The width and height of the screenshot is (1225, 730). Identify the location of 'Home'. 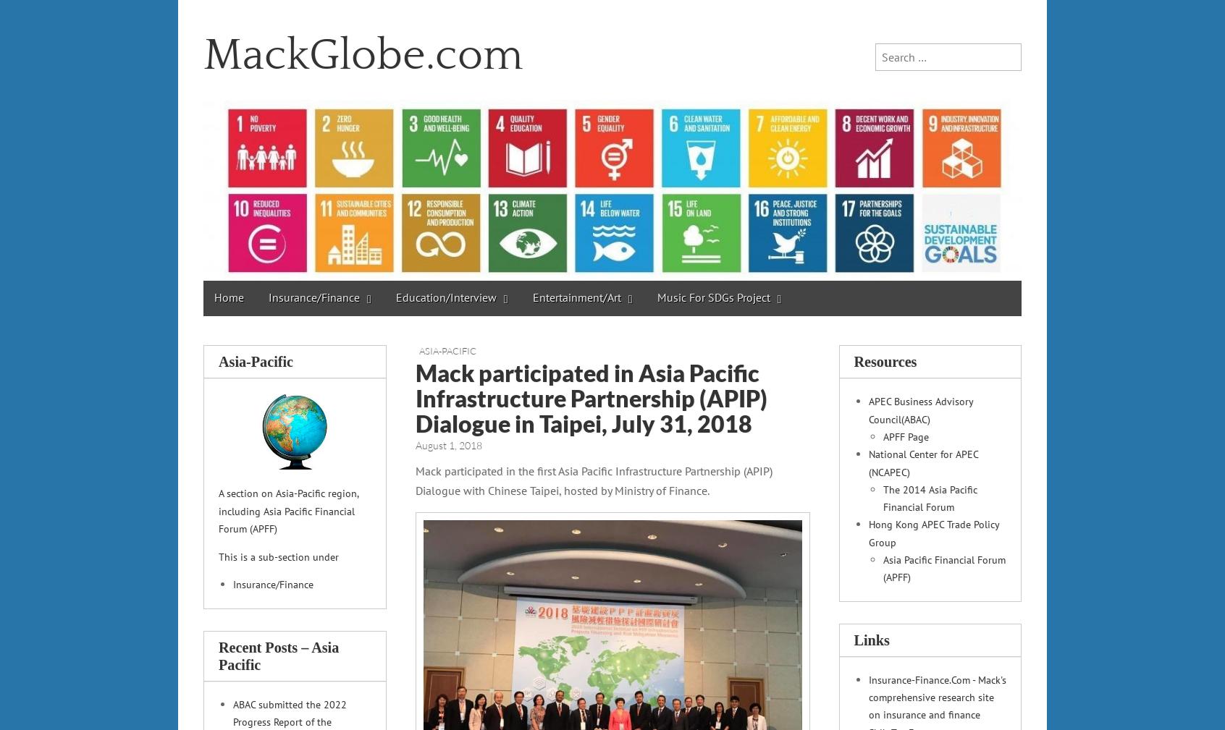
(228, 296).